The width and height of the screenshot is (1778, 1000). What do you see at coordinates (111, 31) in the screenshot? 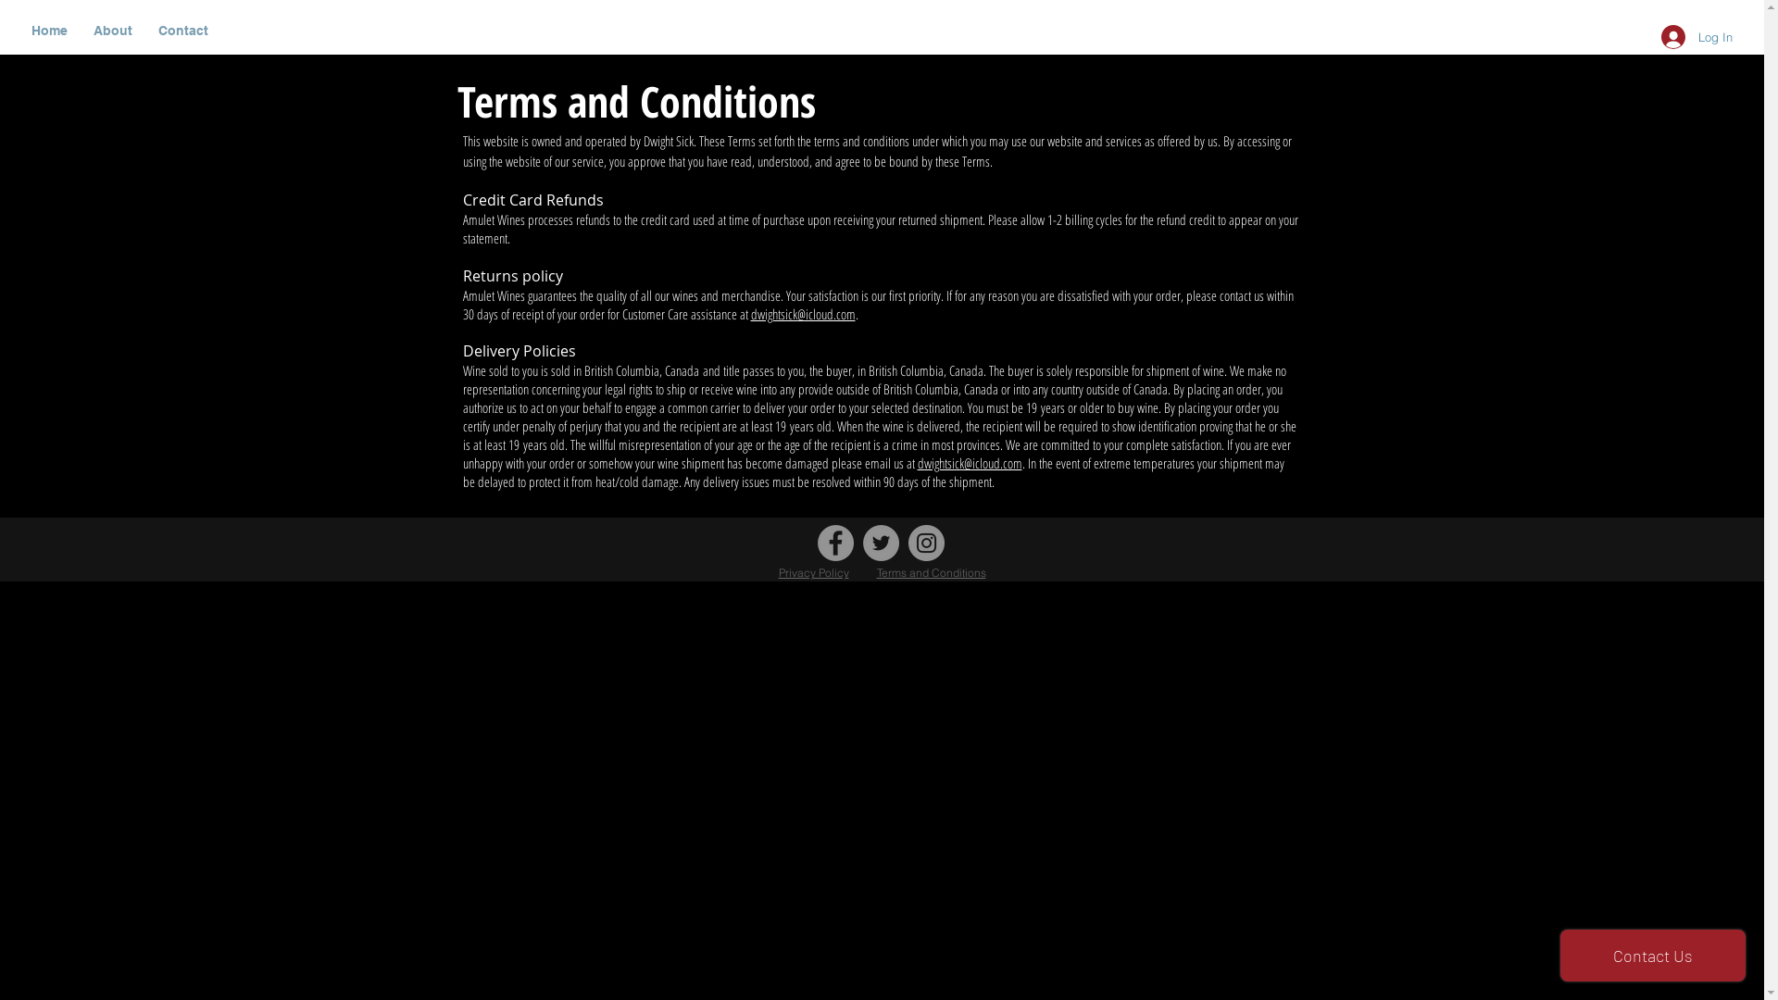
I see `'About'` at bounding box center [111, 31].